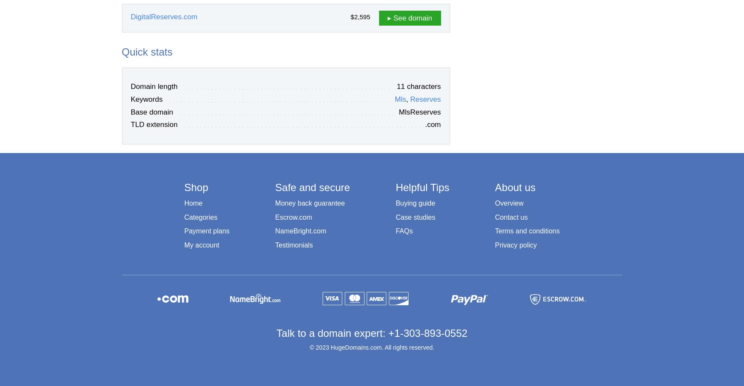 The image size is (744, 386). I want to click on 'About us', so click(515, 186).